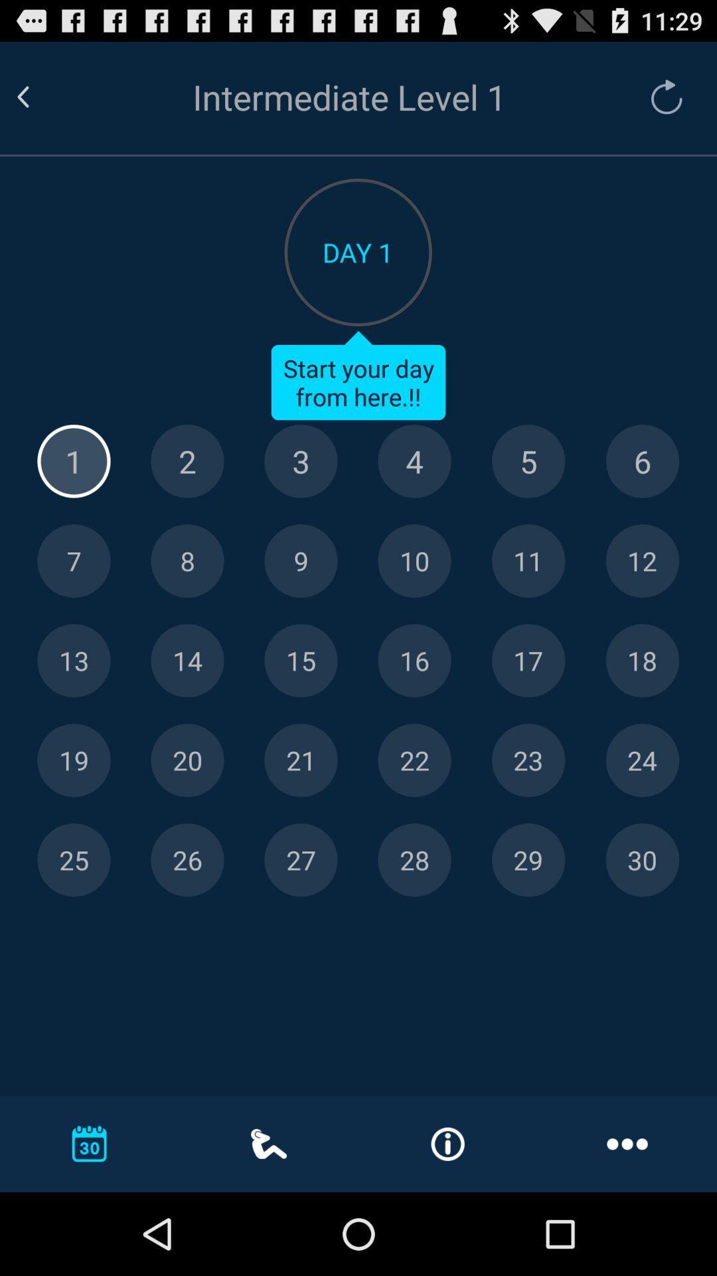 The image size is (717, 1276). Describe the element at coordinates (187, 813) in the screenshot. I see `the skip_next icon` at that location.